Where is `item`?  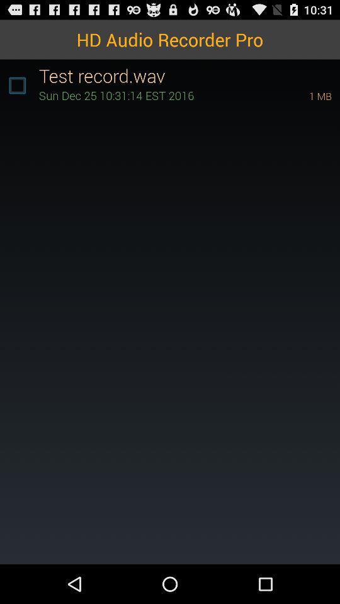 item is located at coordinates (16, 85).